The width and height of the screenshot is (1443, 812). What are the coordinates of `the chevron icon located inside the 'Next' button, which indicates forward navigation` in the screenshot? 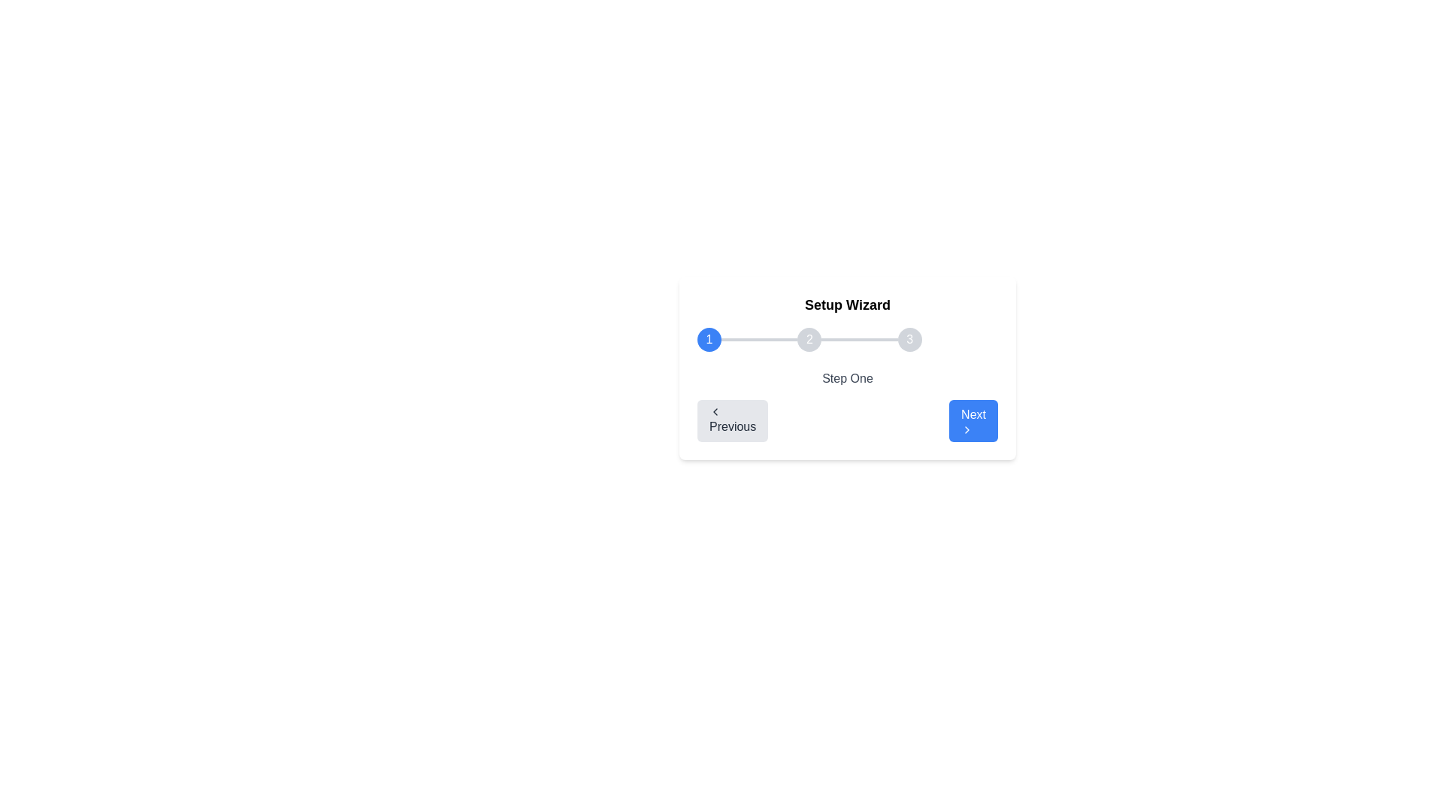 It's located at (967, 429).